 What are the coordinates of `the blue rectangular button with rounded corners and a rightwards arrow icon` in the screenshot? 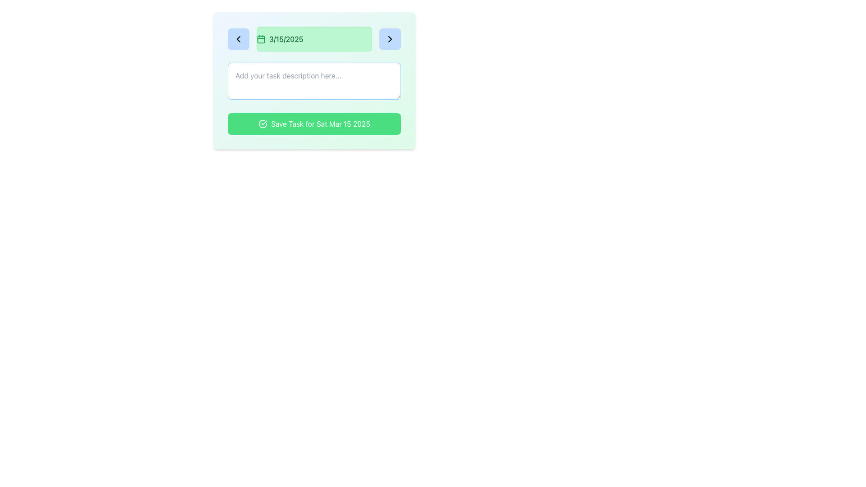 It's located at (390, 39).